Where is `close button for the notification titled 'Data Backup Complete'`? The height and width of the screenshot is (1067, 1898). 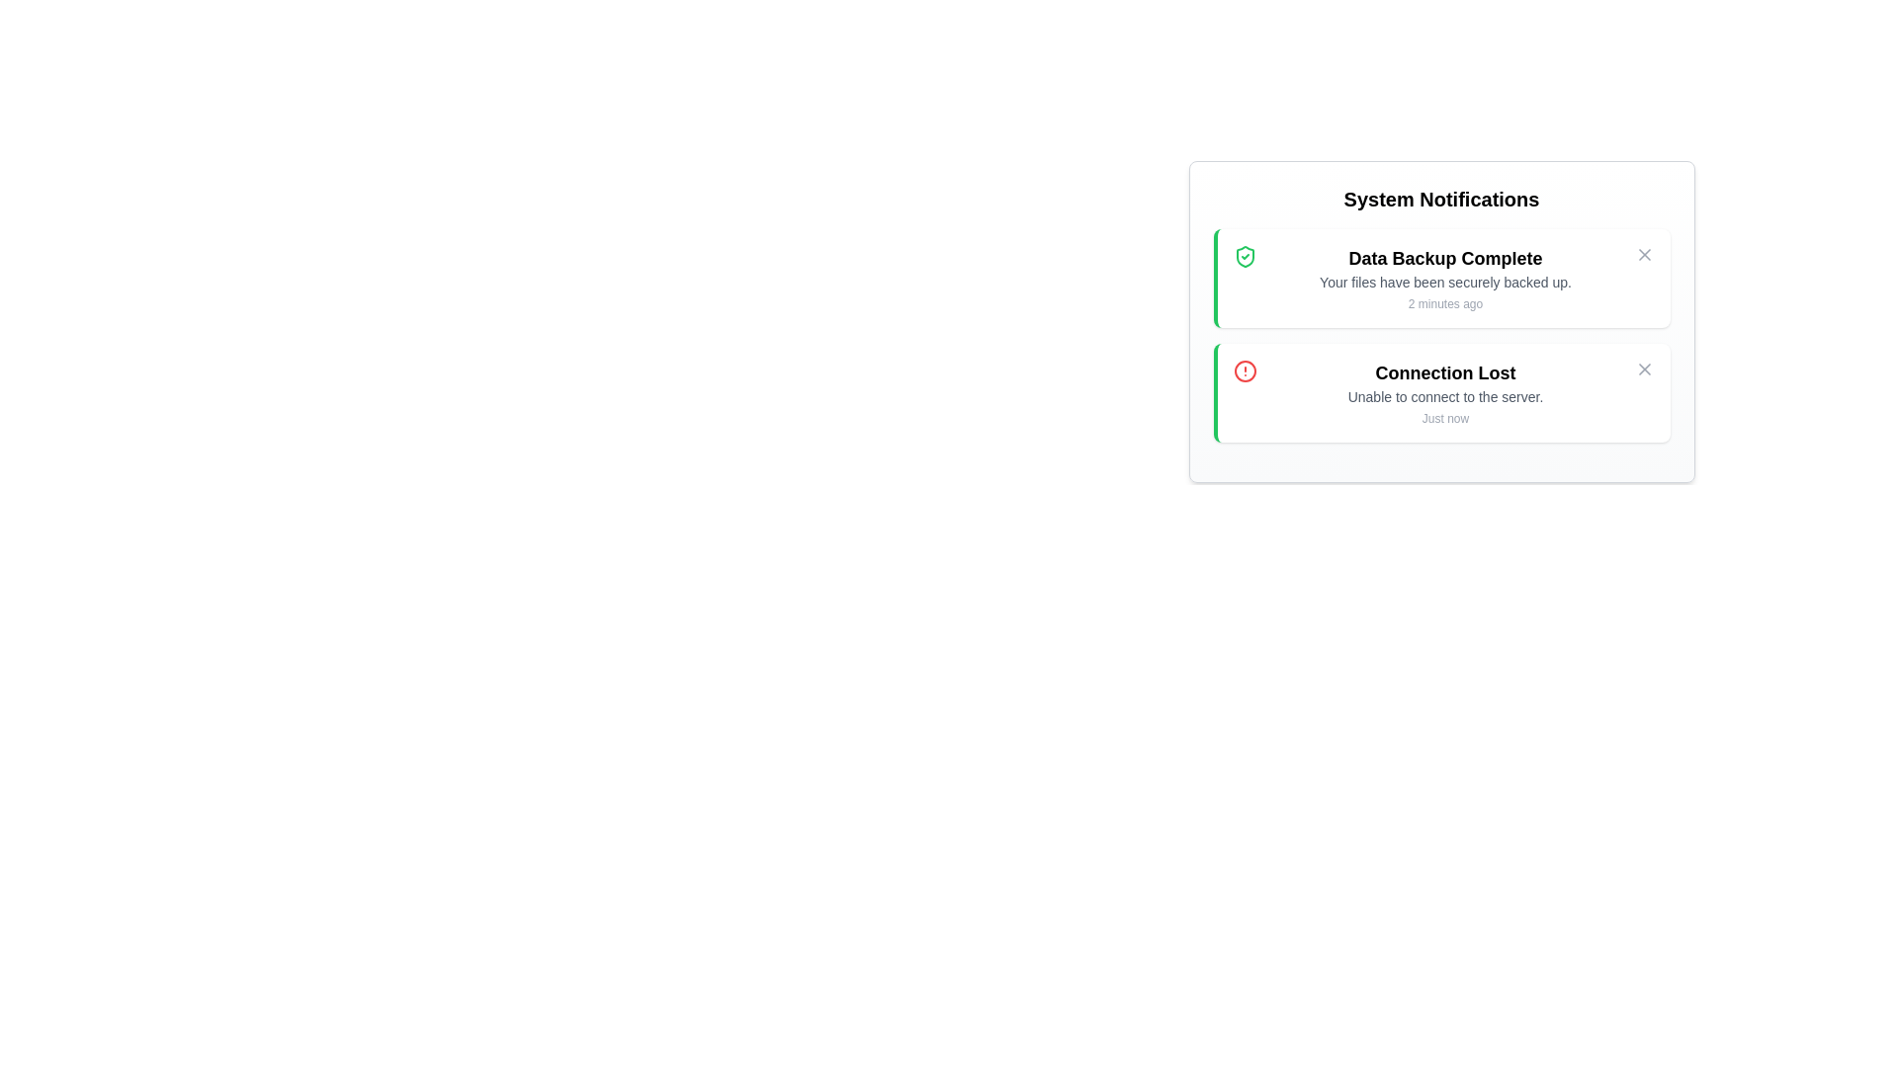 close button for the notification titled 'Data Backup Complete' is located at coordinates (1644, 254).